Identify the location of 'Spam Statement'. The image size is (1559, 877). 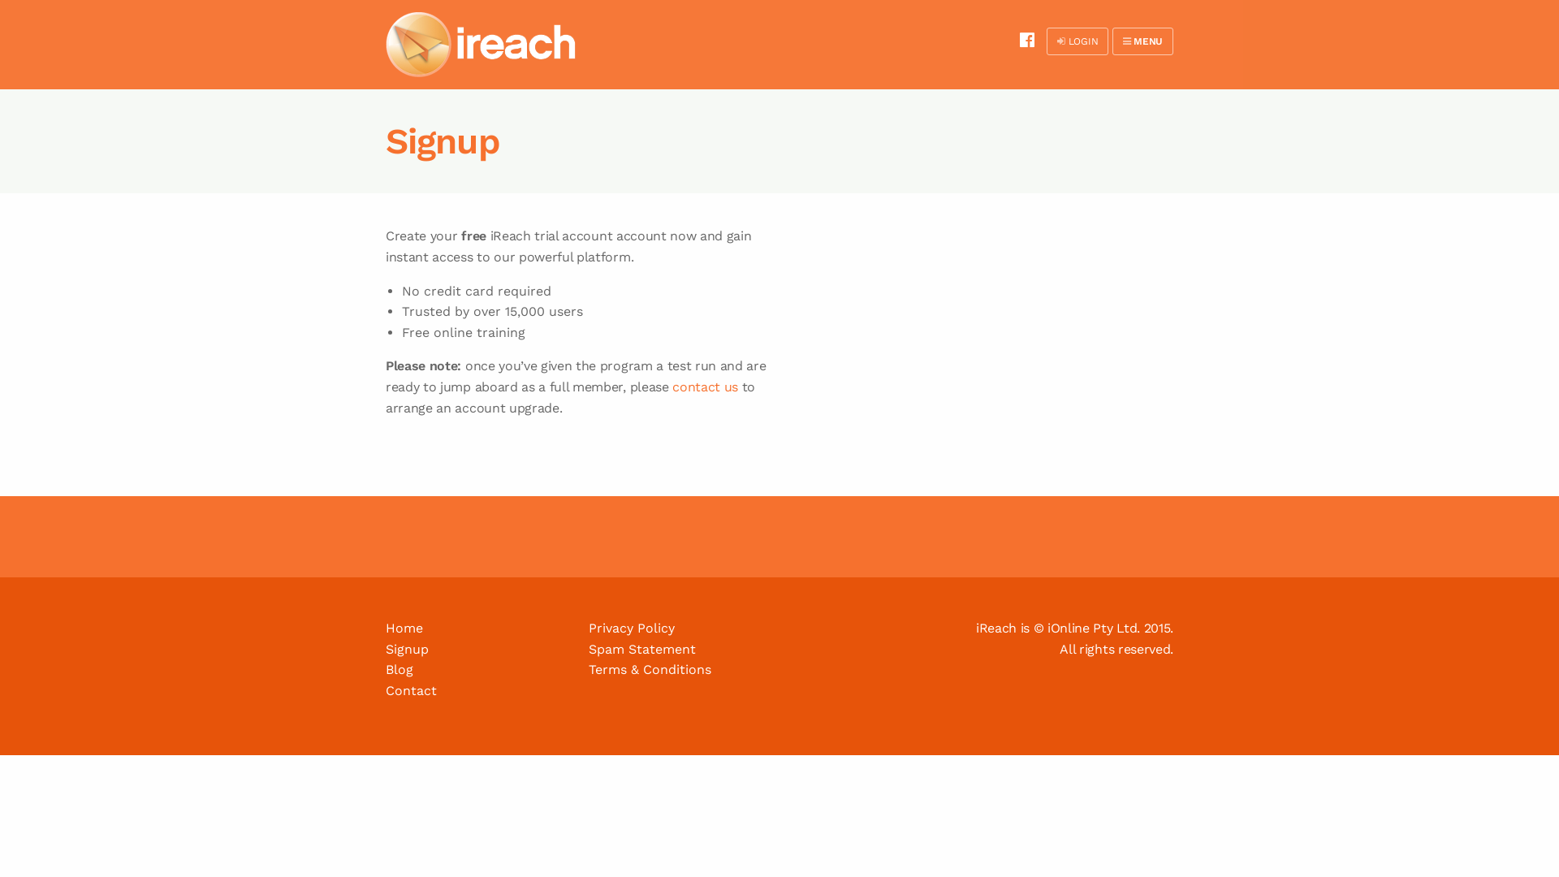
(641, 648).